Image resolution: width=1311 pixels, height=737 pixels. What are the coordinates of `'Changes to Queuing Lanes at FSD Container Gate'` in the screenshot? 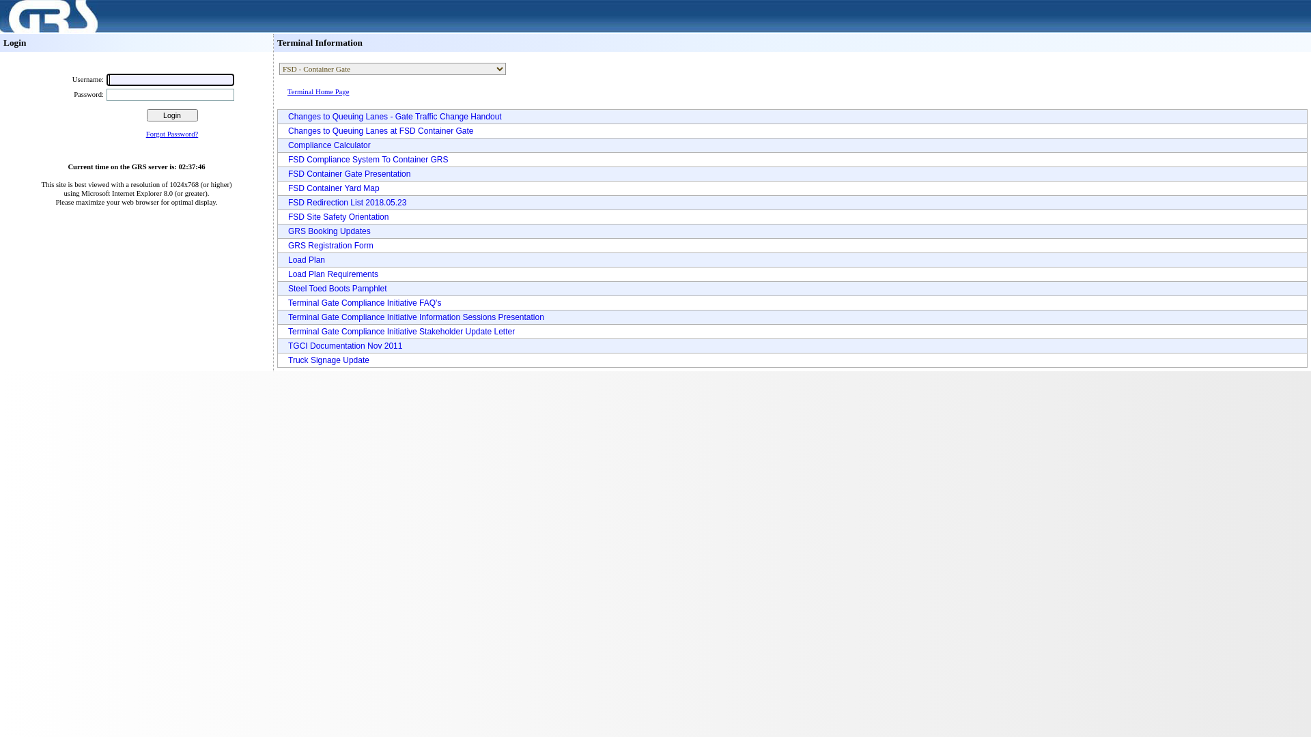 It's located at (377, 131).